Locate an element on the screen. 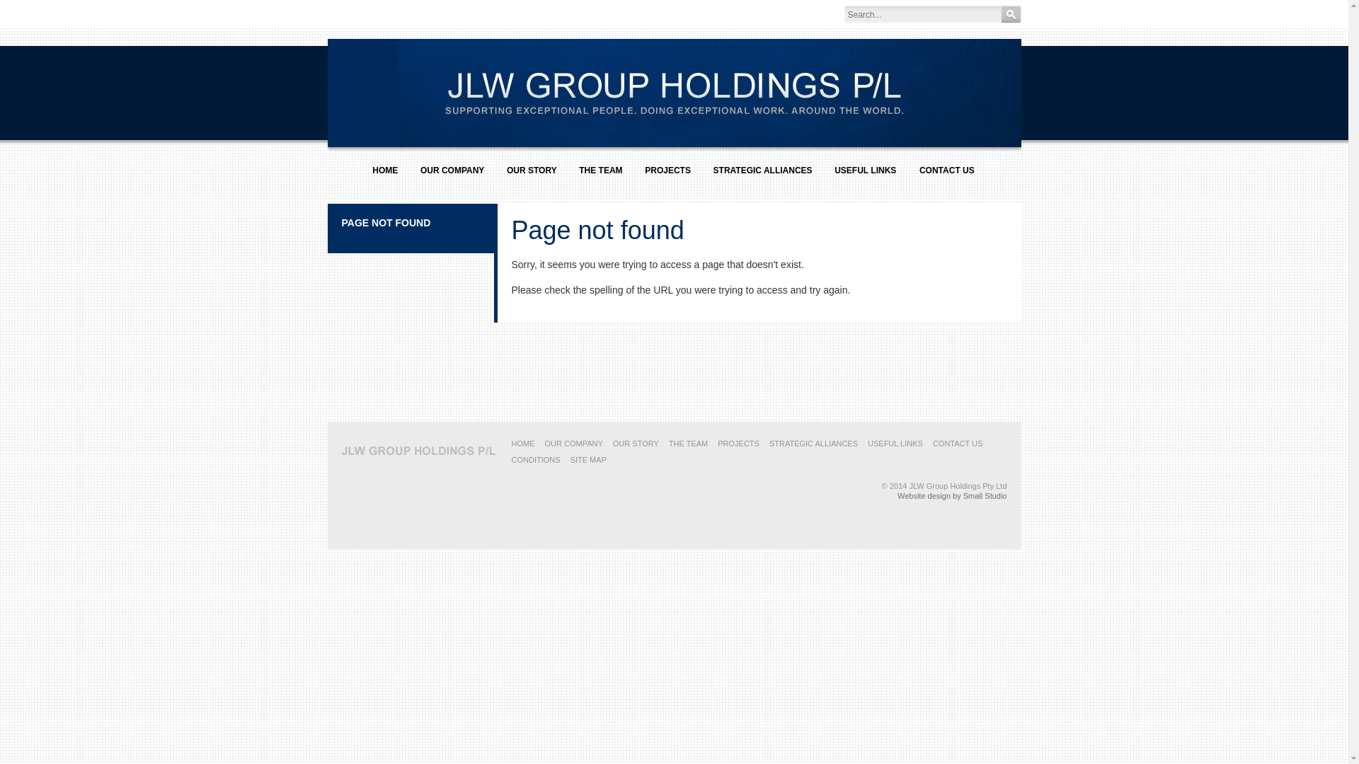 This screenshot has height=764, width=1359. 'CONDITIONS' is located at coordinates (510, 460).